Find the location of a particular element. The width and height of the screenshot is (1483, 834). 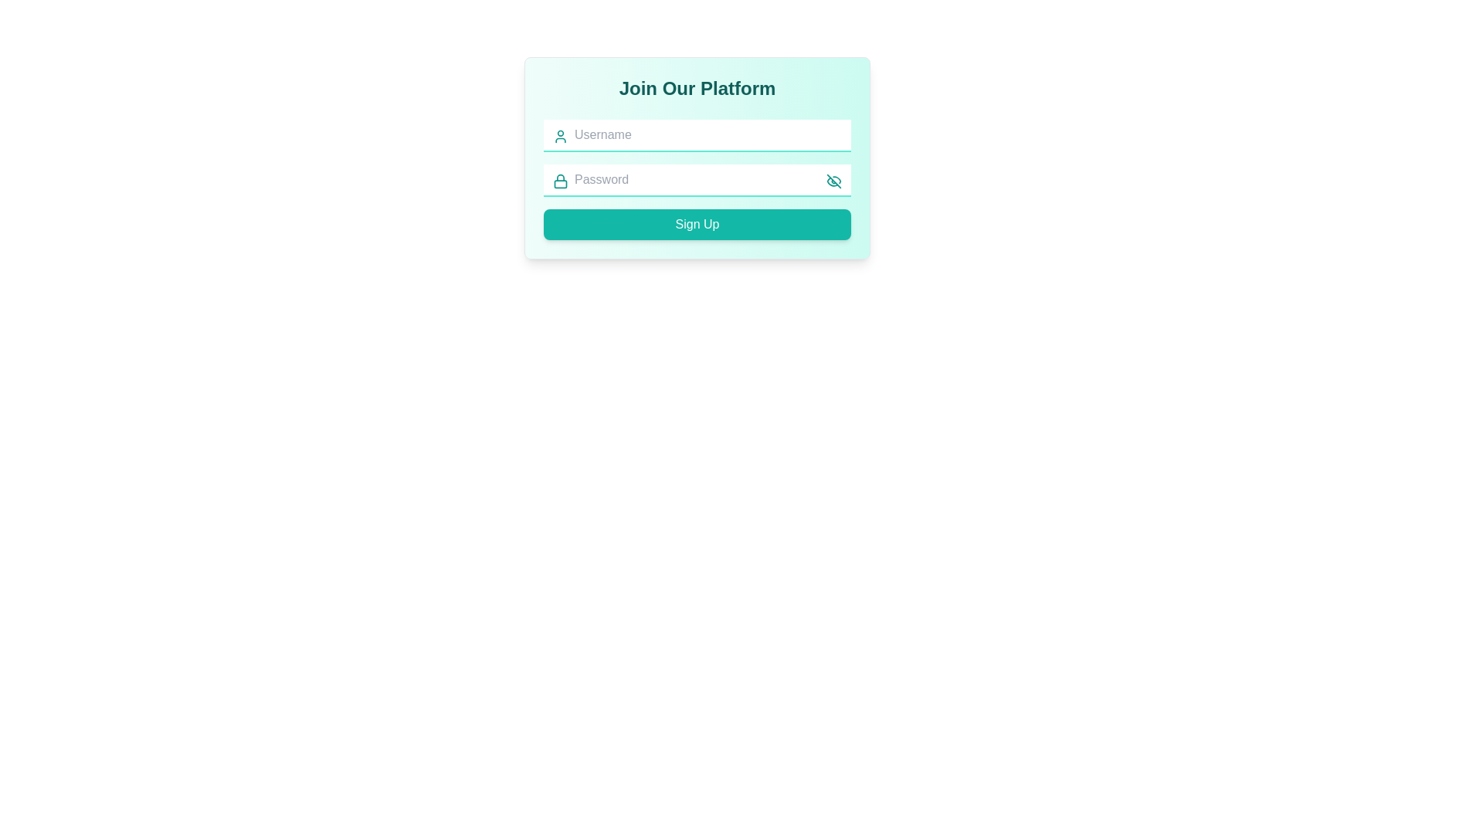

the user silhouette icon with a teal stroke color, located at the left edge of the username input field in the login or registration form is located at coordinates (559, 136).